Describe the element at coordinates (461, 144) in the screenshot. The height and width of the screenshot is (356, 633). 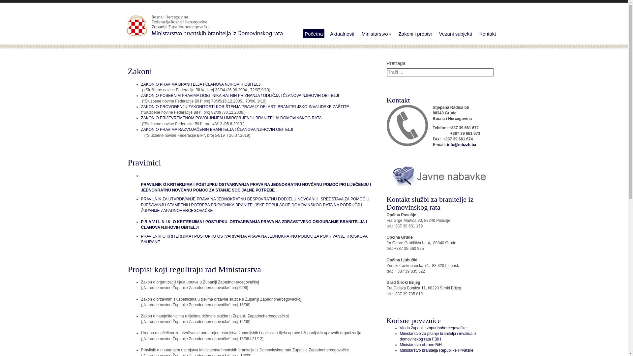
I see `'info@mbzzh.ba'` at that location.